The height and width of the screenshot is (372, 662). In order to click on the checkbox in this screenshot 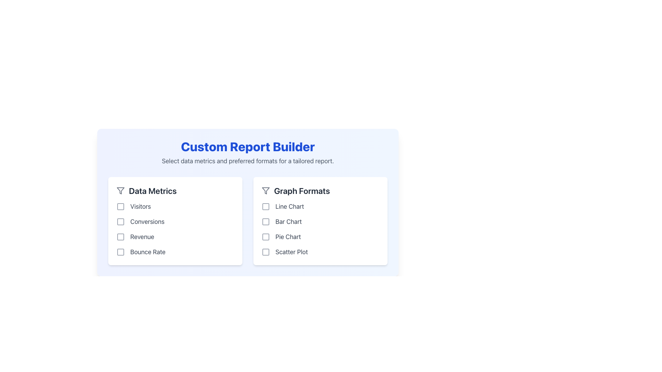, I will do `click(320, 222)`.